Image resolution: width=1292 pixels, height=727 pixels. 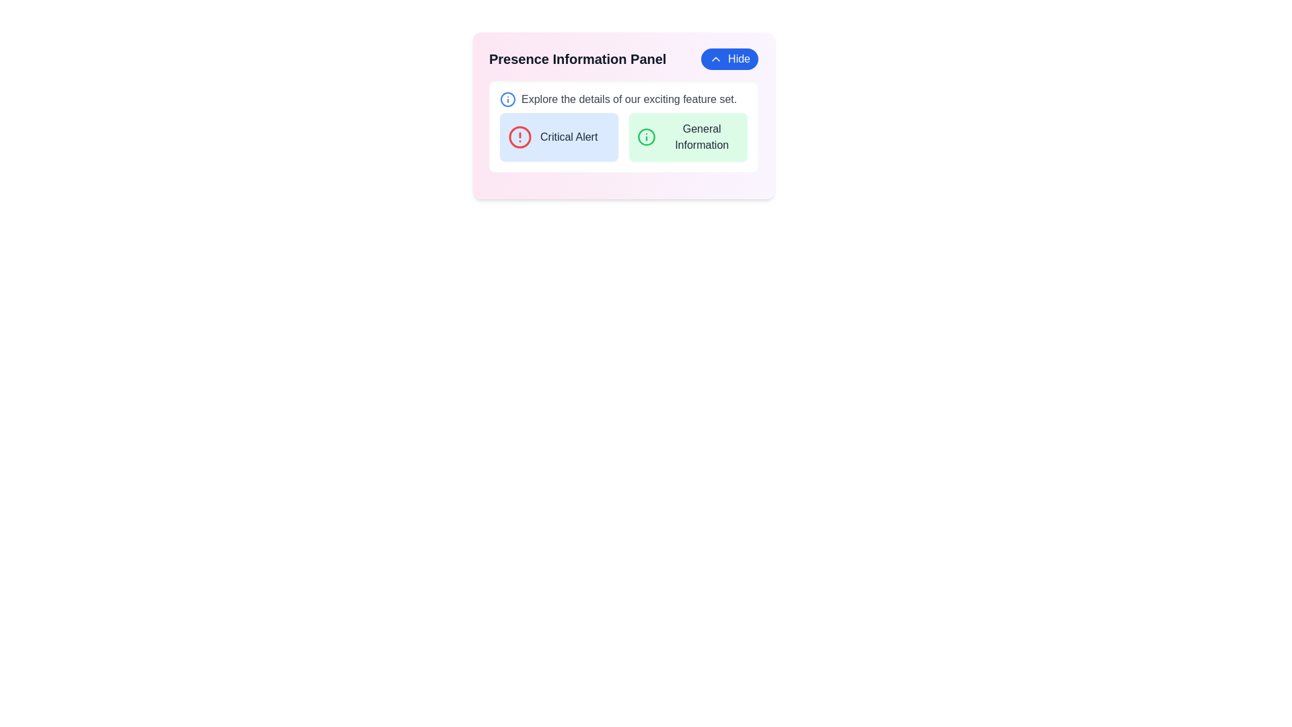 What do you see at coordinates (559, 137) in the screenshot?
I see `the alert by clicking on the Button-like indicator, which is the first element in a group and positioned to the left of 'General Information'` at bounding box center [559, 137].